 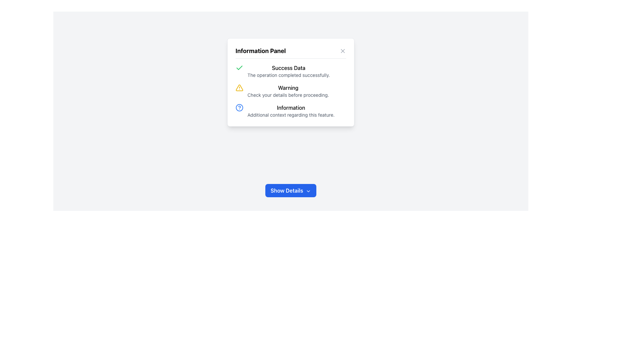 What do you see at coordinates (288, 91) in the screenshot?
I see `the warning notification text in the 'Information Panel'` at bounding box center [288, 91].